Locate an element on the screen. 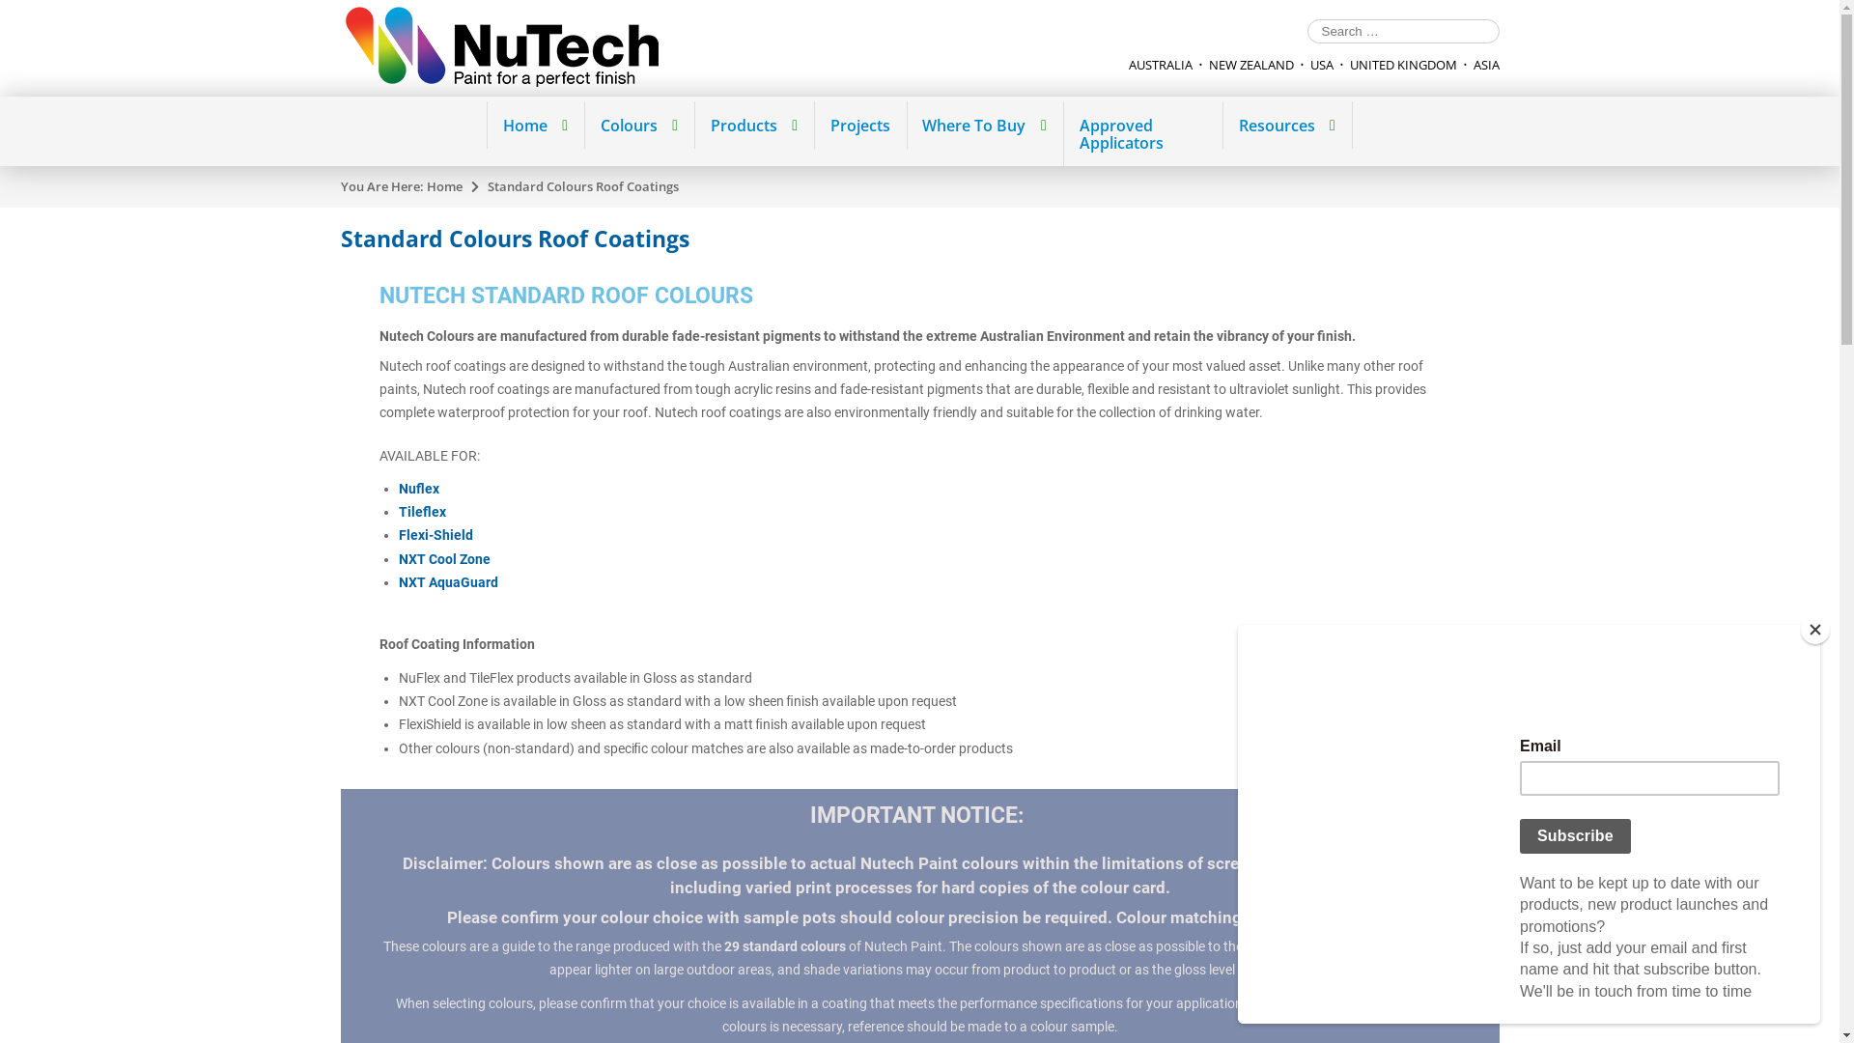 This screenshot has width=1854, height=1043. 'Colours' is located at coordinates (583, 125).